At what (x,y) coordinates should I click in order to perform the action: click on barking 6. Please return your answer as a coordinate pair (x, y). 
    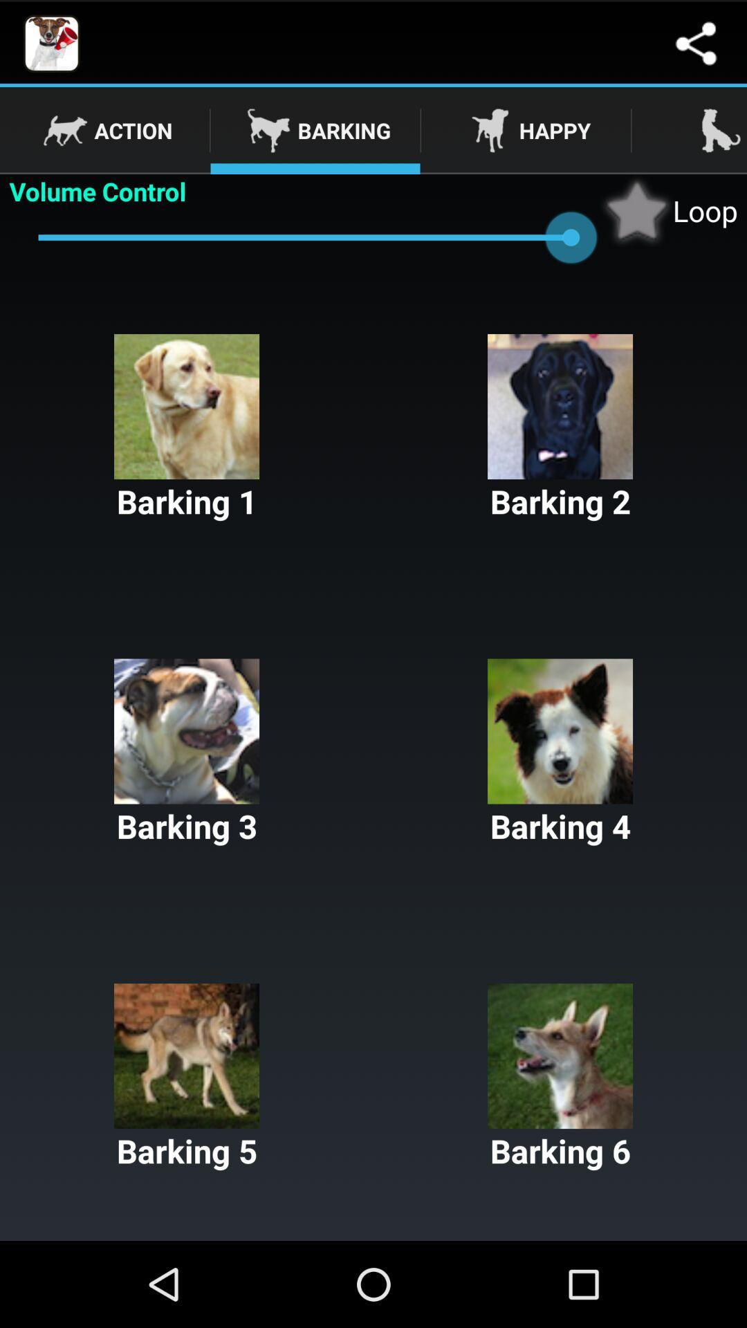
    Looking at the image, I should click on (560, 1077).